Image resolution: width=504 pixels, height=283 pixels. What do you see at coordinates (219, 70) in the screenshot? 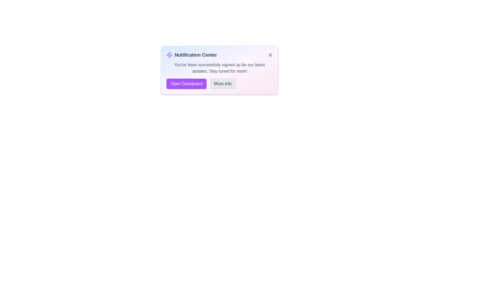
I see `the notification component to trigger additional effects` at bounding box center [219, 70].